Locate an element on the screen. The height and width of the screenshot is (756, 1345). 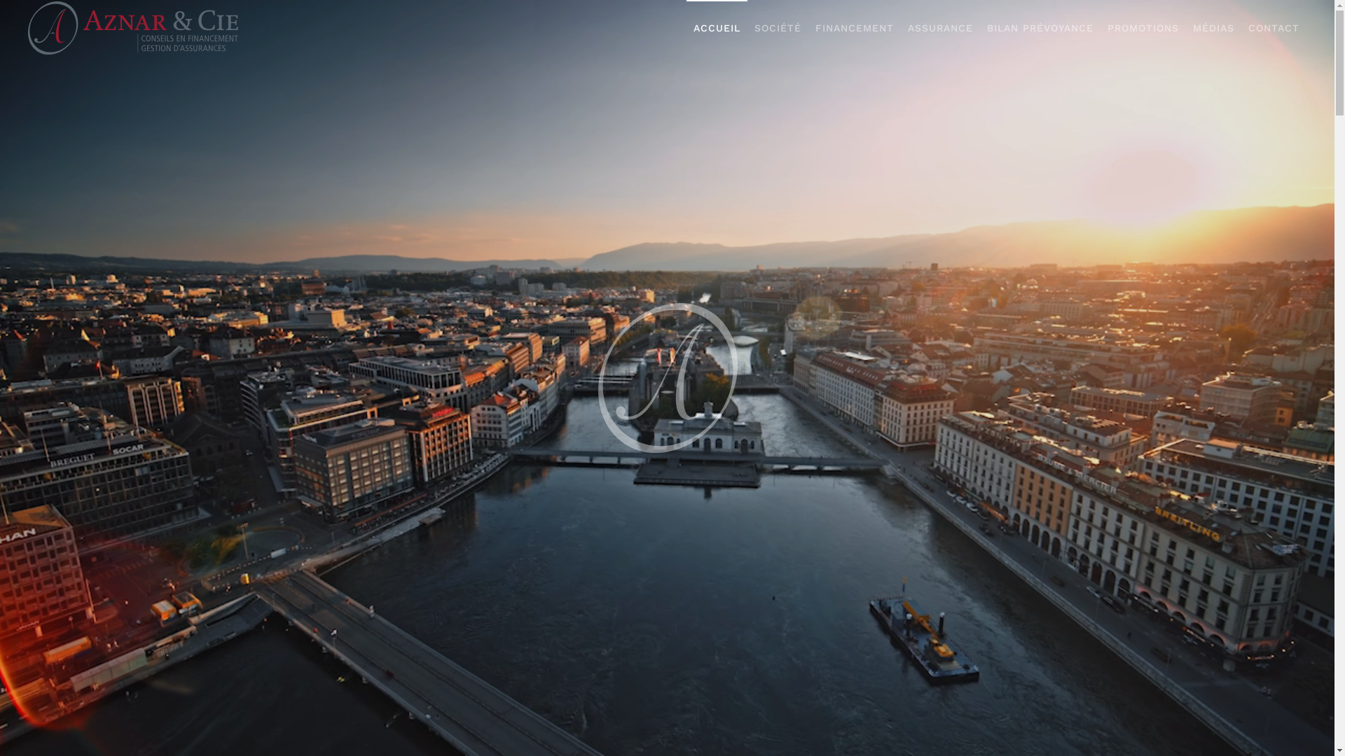
'CONTACT' is located at coordinates (1274, 27).